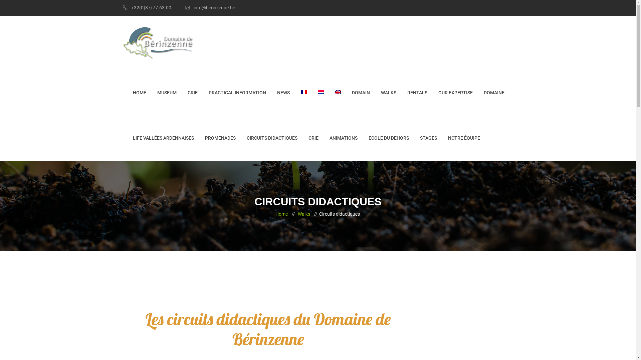 Image resolution: width=641 pixels, height=360 pixels. I want to click on 'WALKS', so click(388, 92).